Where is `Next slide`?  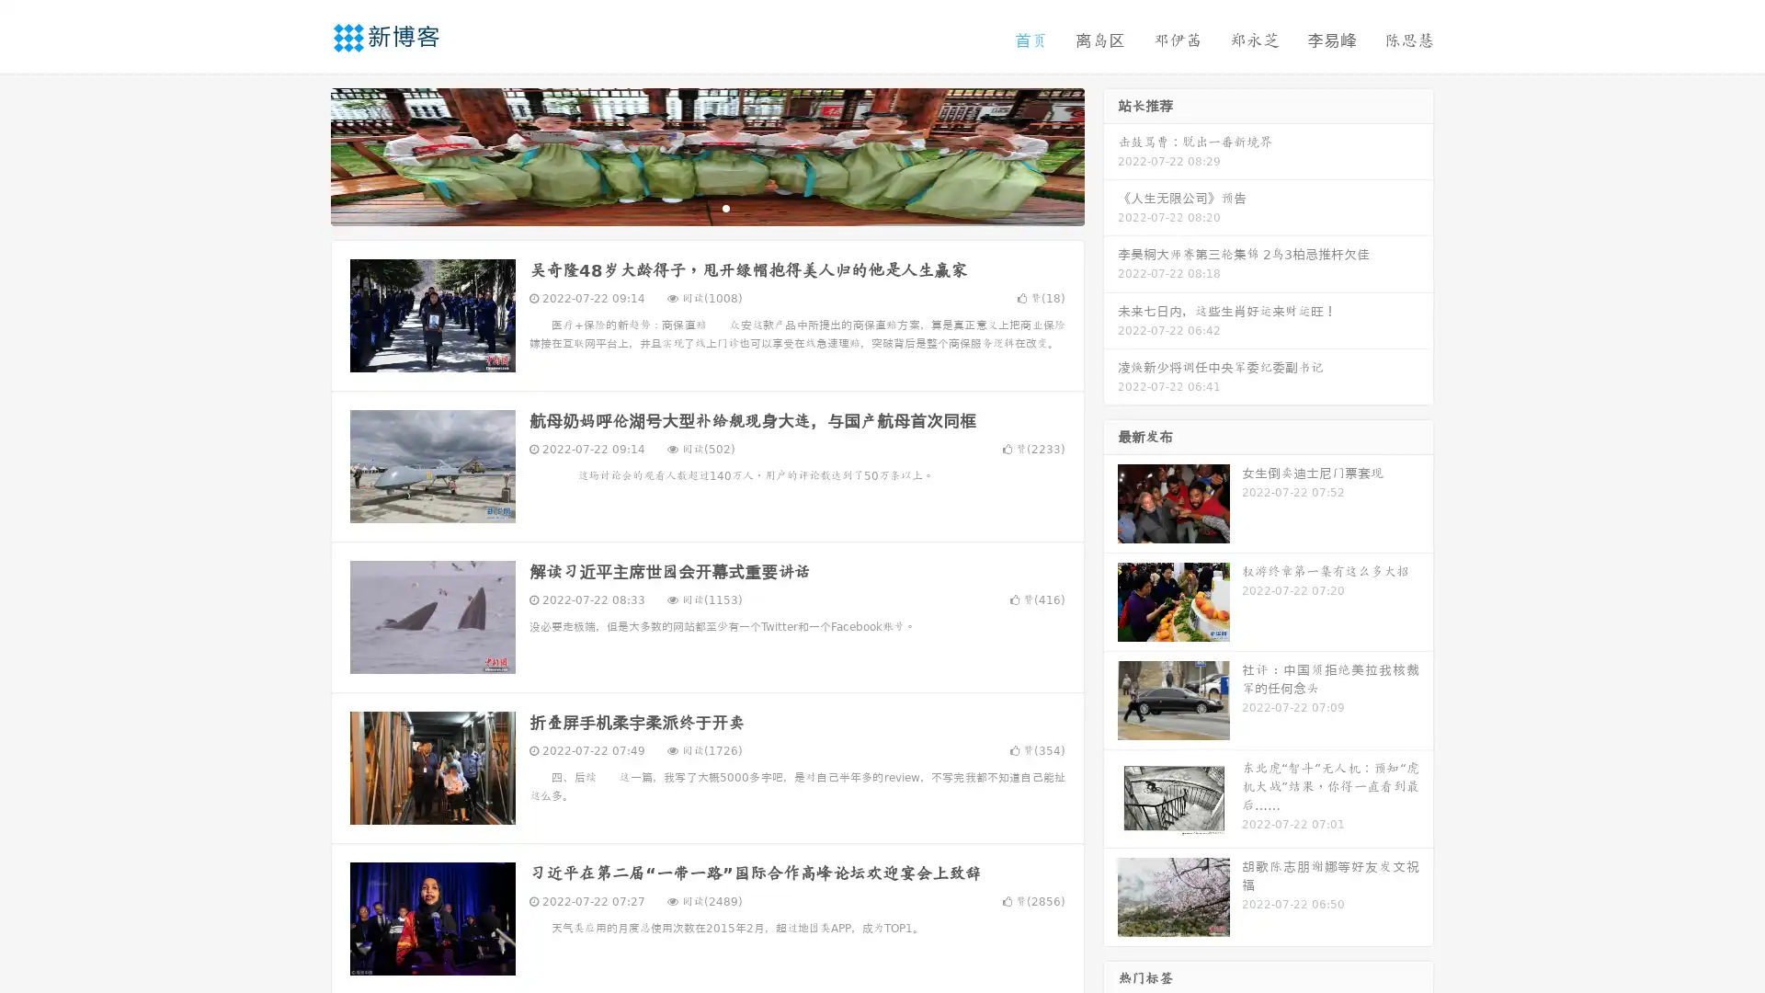 Next slide is located at coordinates (1110, 154).